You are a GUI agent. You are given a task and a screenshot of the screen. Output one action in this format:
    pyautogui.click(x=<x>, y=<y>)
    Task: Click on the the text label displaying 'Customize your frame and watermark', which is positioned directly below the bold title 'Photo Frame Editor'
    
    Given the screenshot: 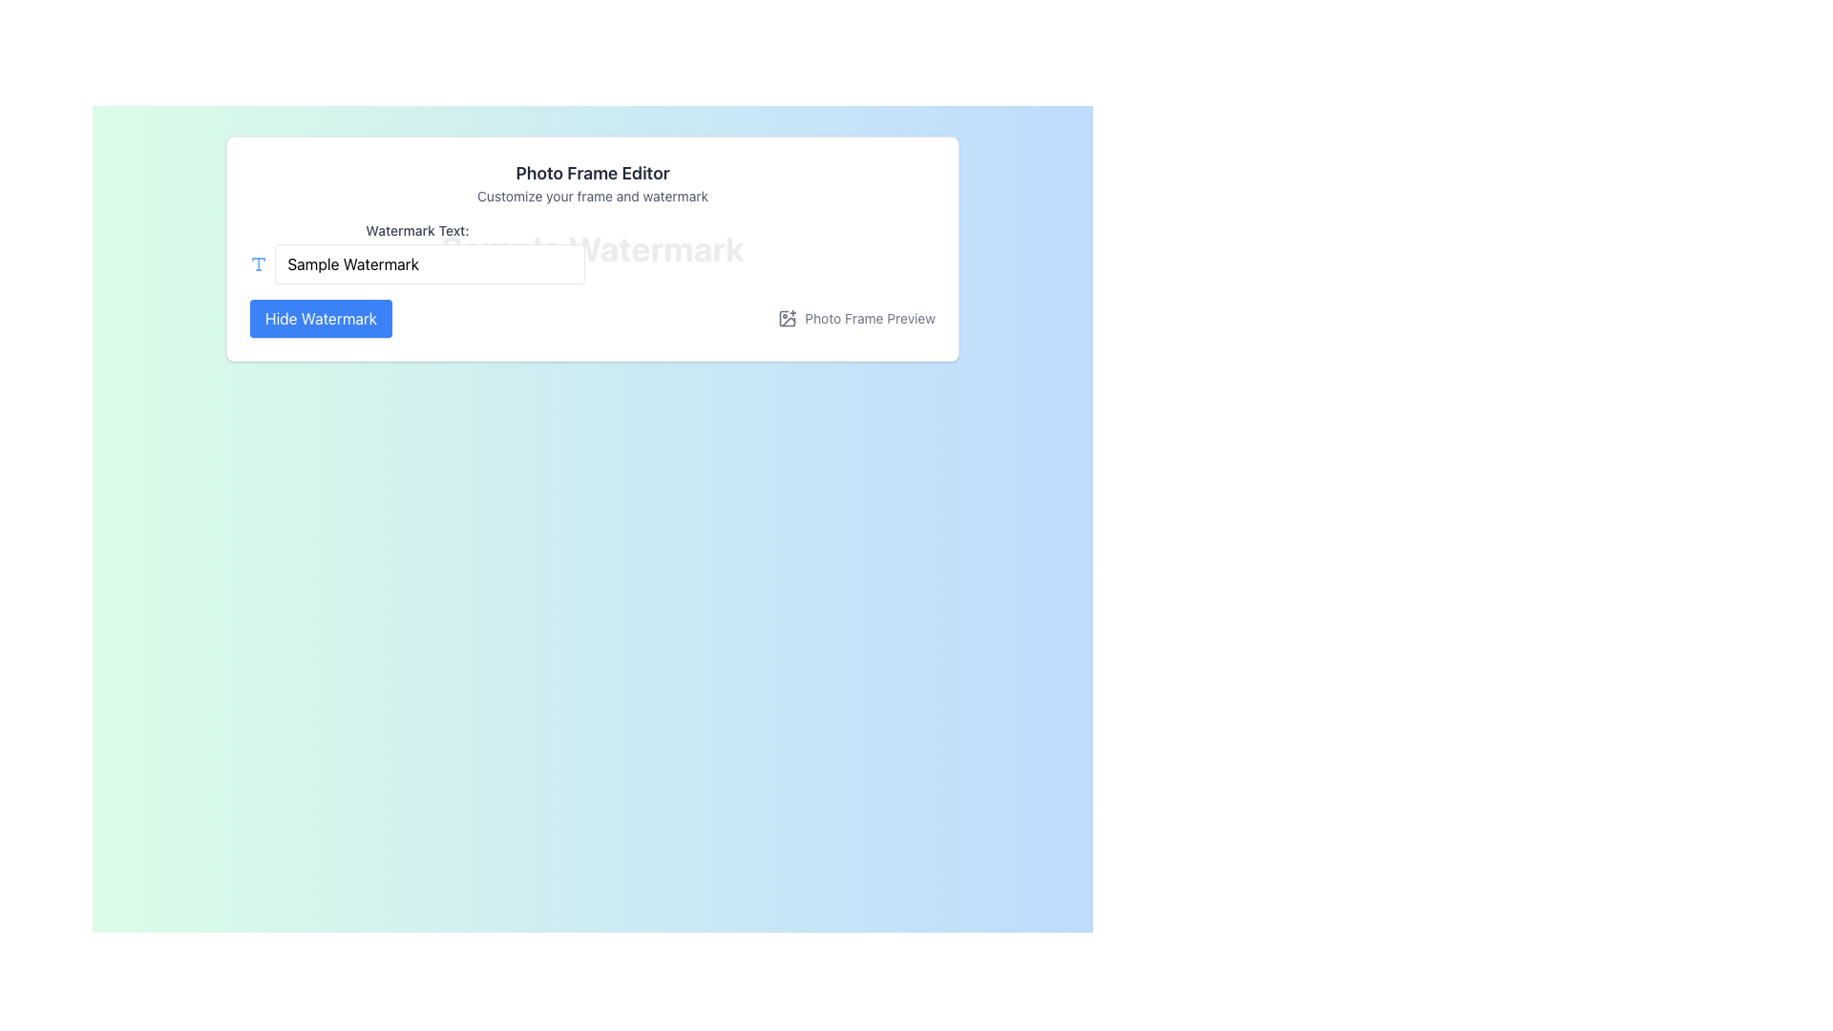 What is the action you would take?
    pyautogui.click(x=591, y=196)
    